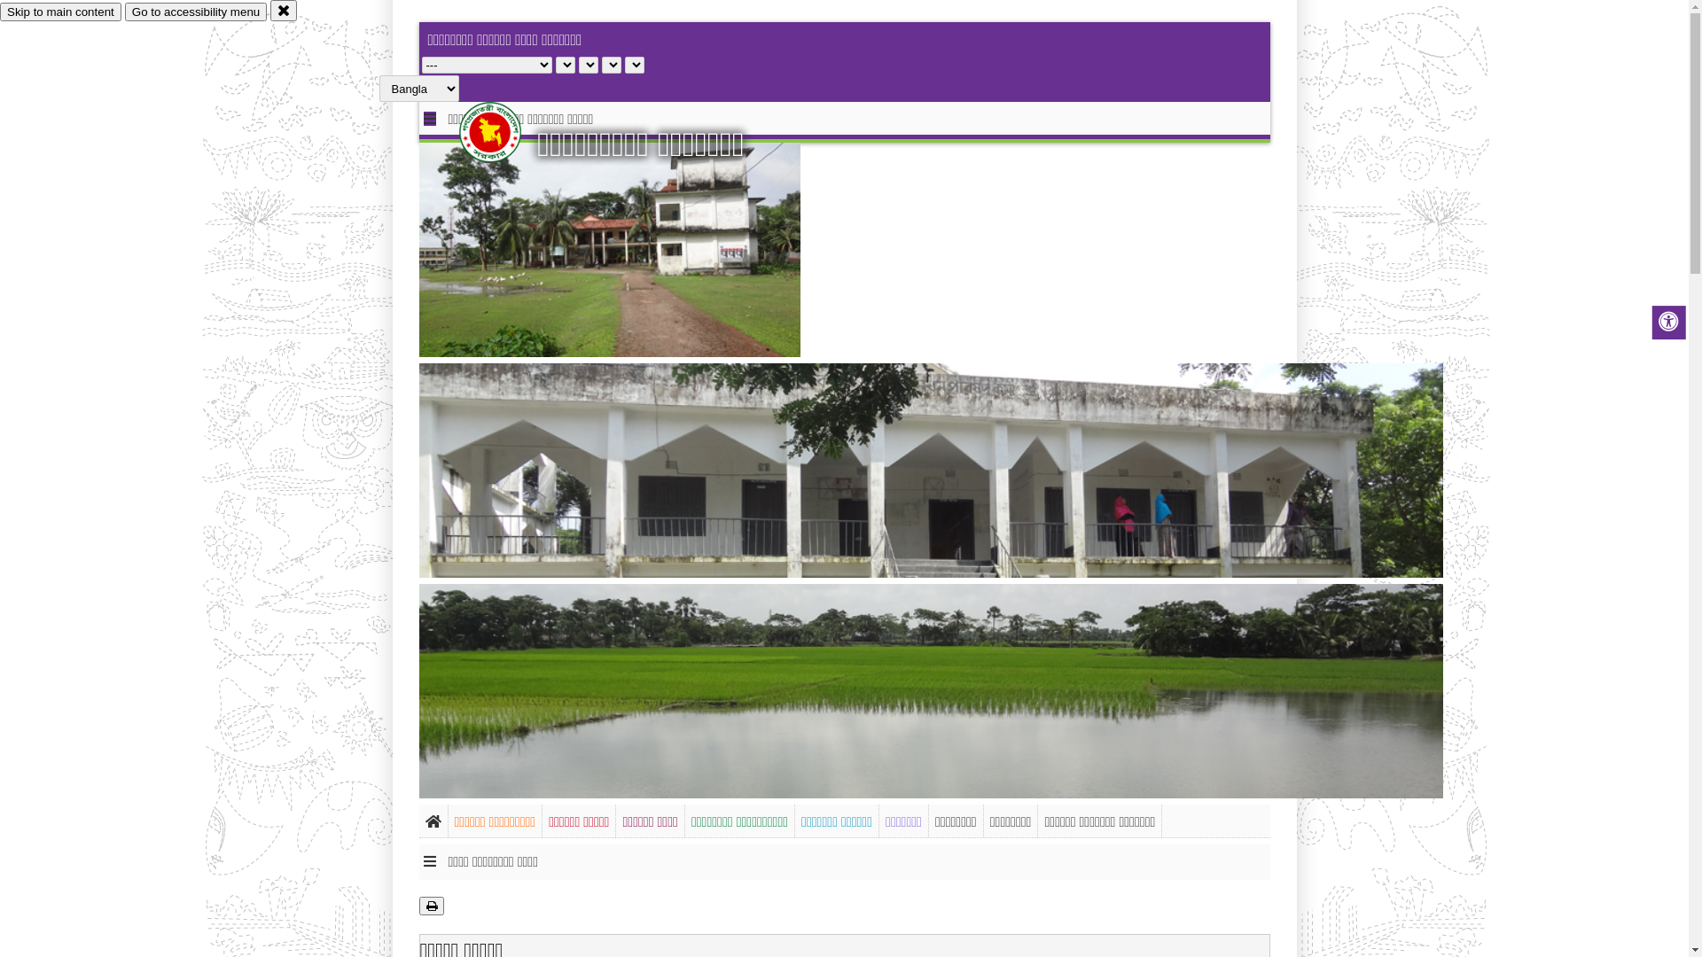 This screenshot has height=957, width=1702. Describe the element at coordinates (504, 131) in the screenshot. I see `'` at that location.